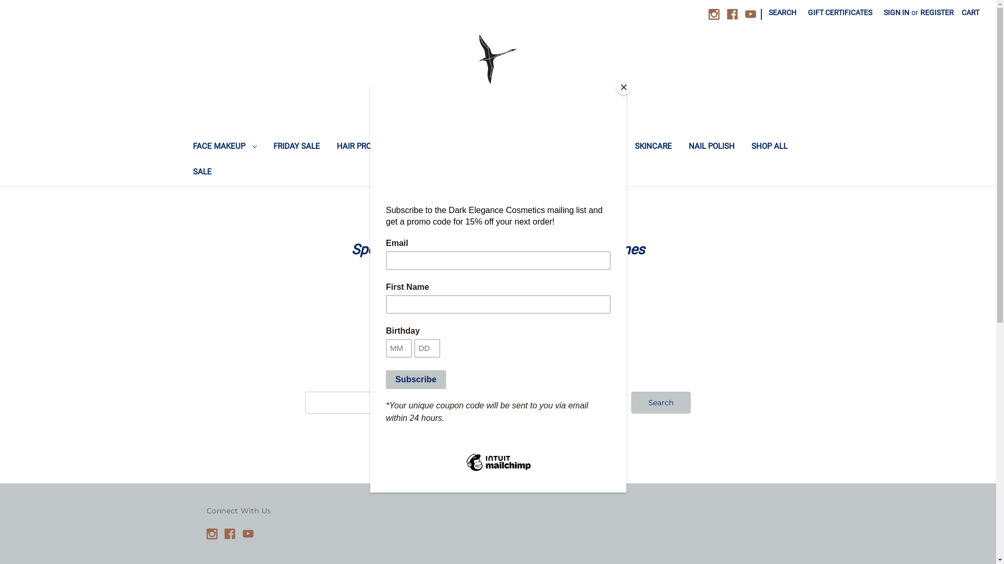 The image size is (1004, 564). What do you see at coordinates (802, 13) in the screenshot?
I see `'GIFT CERTIFICATES'` at bounding box center [802, 13].